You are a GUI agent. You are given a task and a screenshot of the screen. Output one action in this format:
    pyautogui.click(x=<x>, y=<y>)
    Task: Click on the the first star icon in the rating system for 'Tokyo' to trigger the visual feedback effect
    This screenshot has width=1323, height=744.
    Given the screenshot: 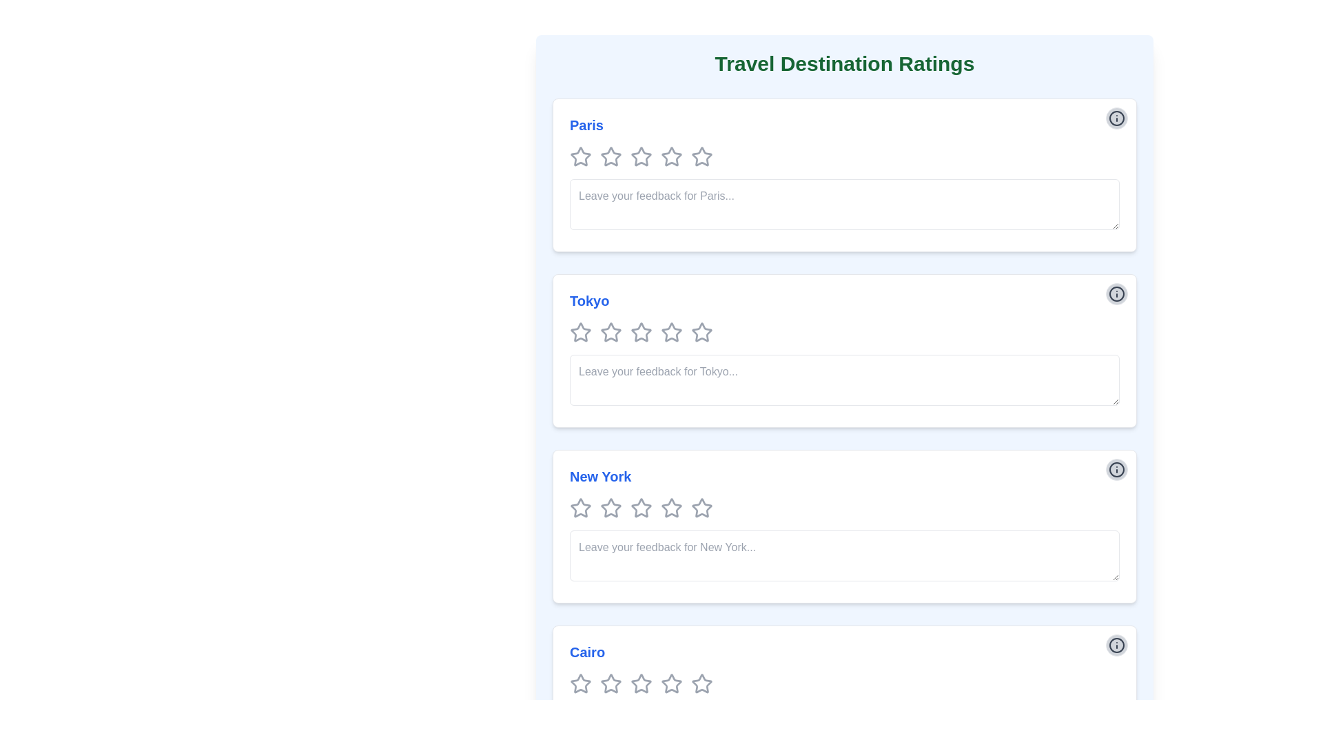 What is the action you would take?
    pyautogui.click(x=581, y=332)
    